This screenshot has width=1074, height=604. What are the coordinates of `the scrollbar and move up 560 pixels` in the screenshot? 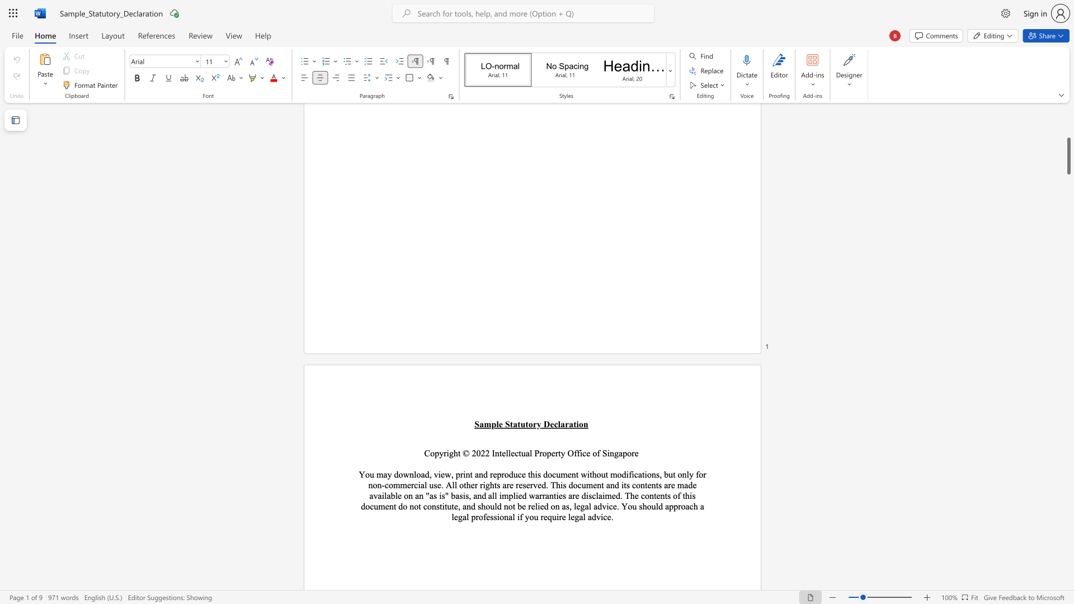 It's located at (1068, 156).